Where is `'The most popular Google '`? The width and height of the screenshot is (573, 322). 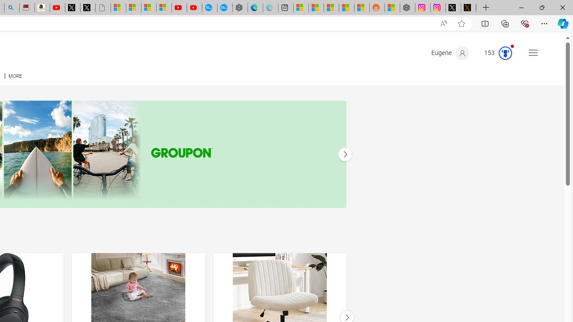 'The most popular Google ' is located at coordinates (225, 8).